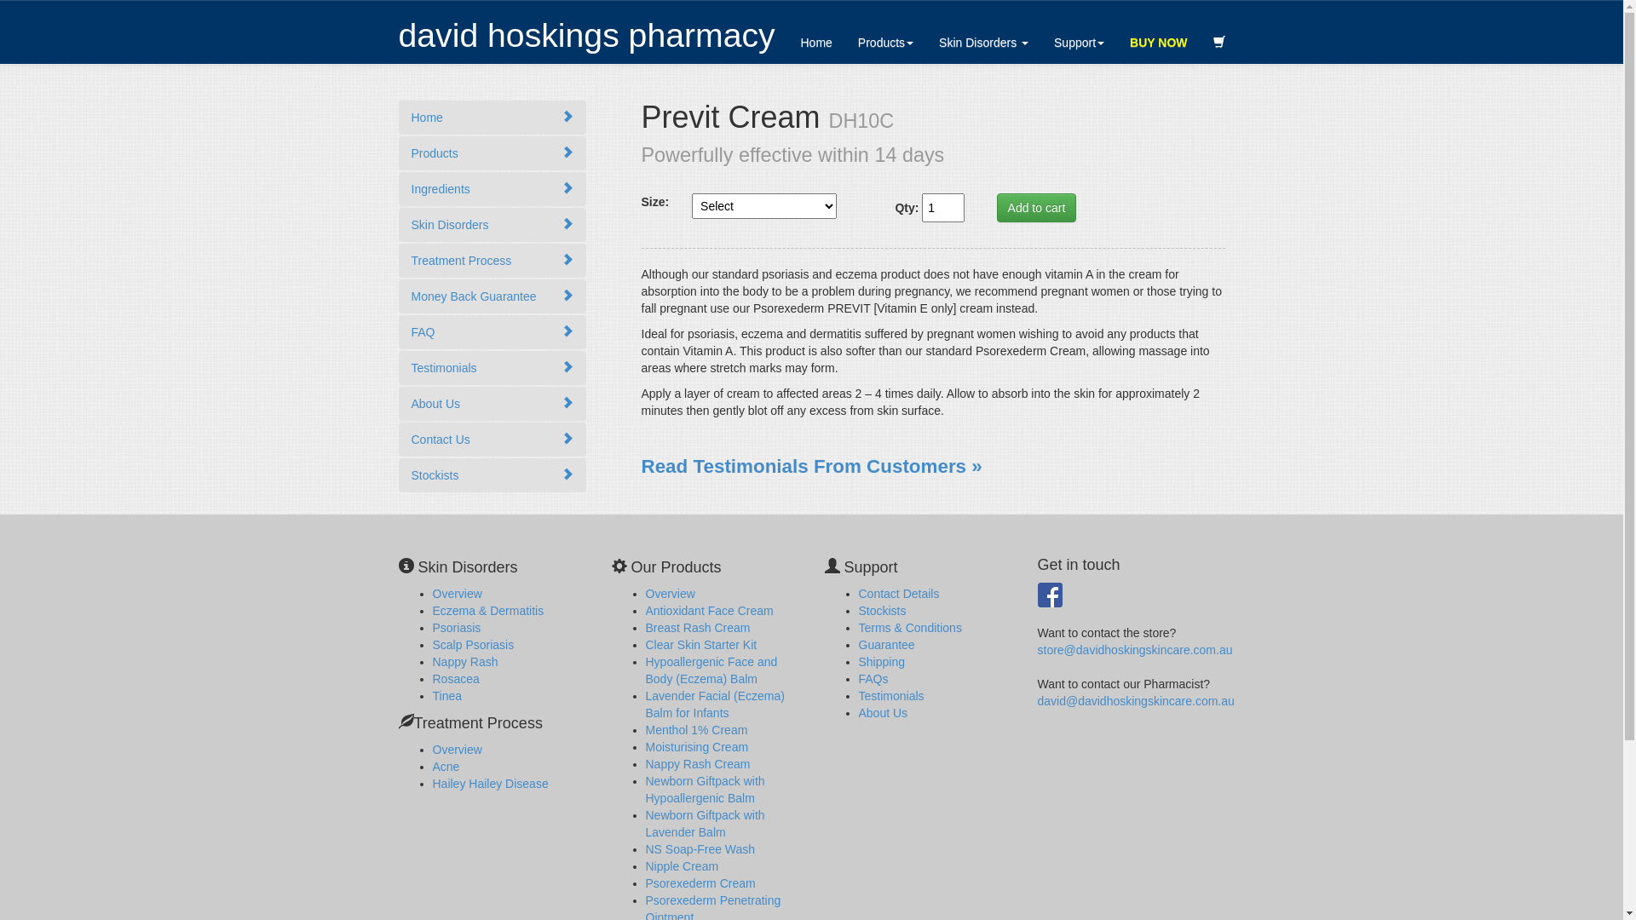 The image size is (1636, 920). Describe the element at coordinates (645, 669) in the screenshot. I see `'Hypoallergenic Face and Body (Eczema) Balm'` at that location.